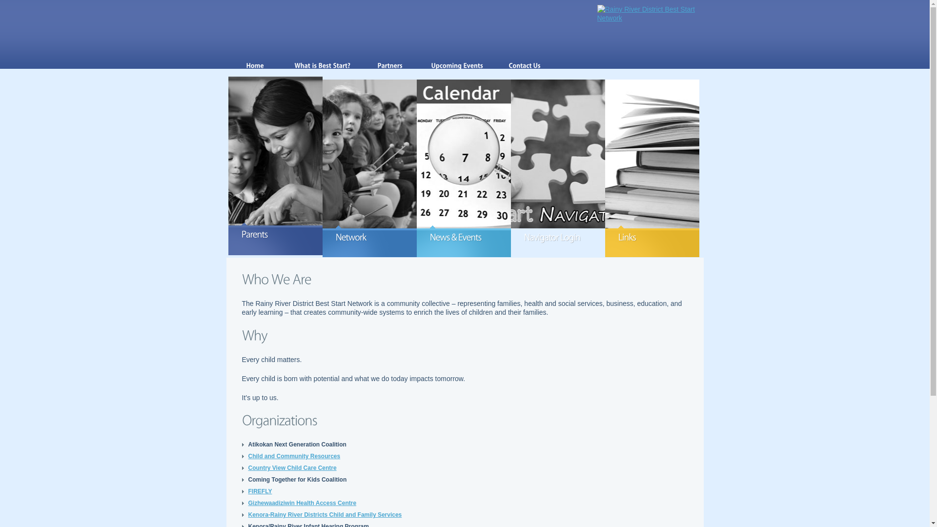 The image size is (937, 527). I want to click on 'FIREFLY', so click(260, 491).